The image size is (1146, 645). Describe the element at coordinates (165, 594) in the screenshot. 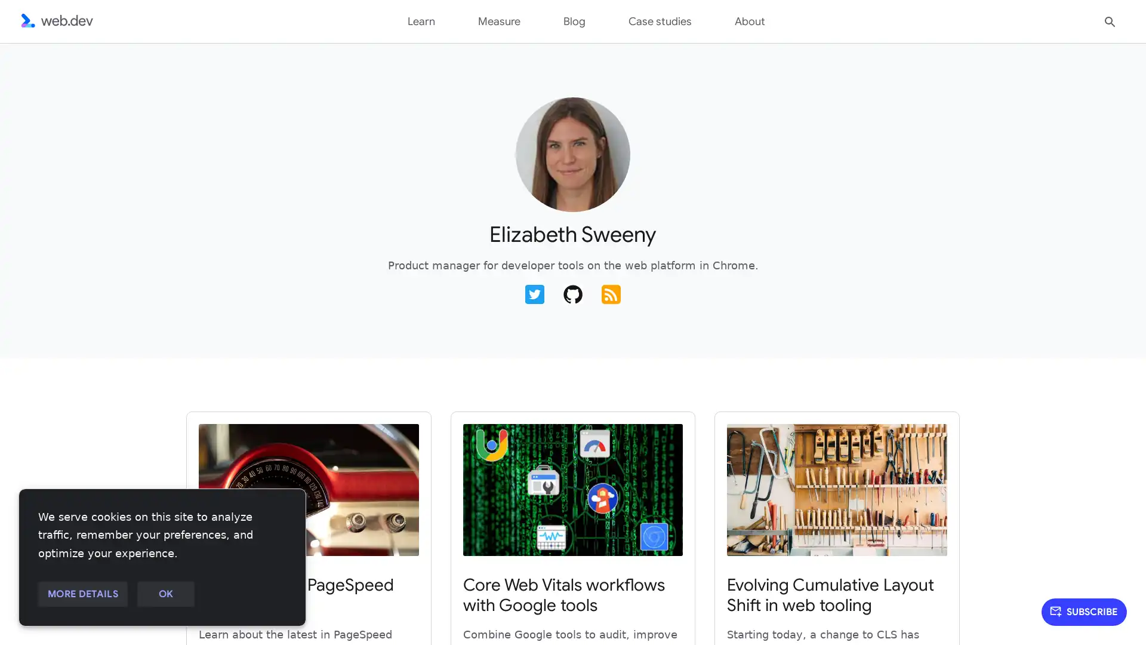

I see `OK` at that location.